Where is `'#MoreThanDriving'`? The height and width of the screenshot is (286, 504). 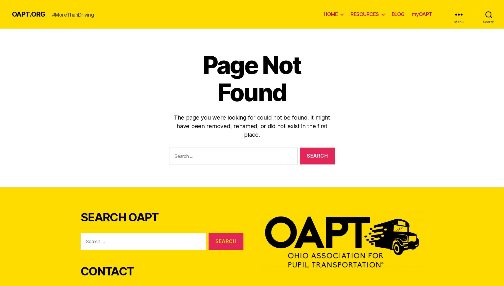 '#MoreThanDriving' is located at coordinates (52, 15).